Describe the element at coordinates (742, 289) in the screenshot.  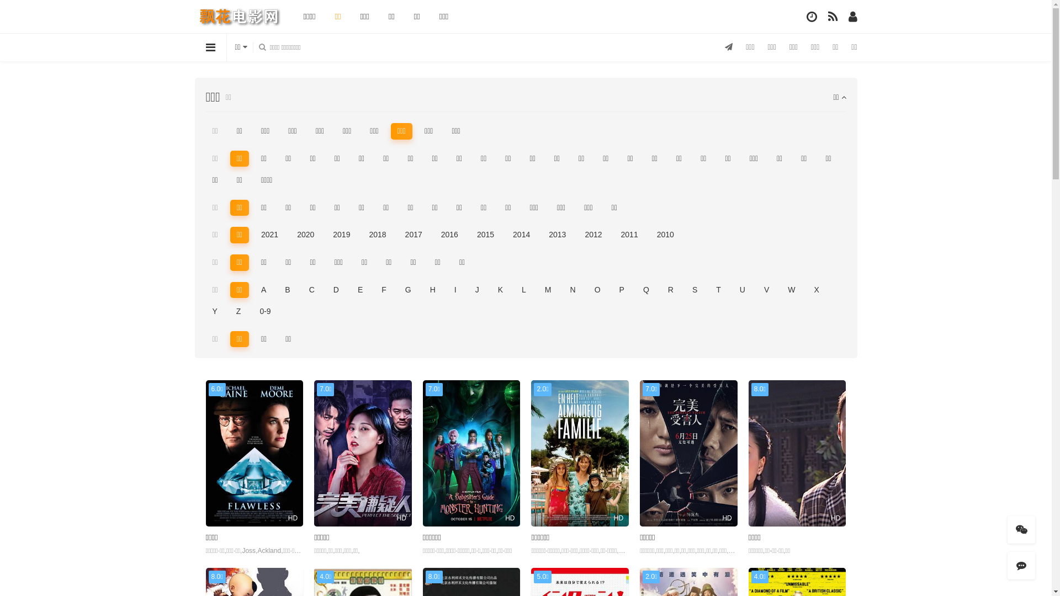
I see `'U'` at that location.